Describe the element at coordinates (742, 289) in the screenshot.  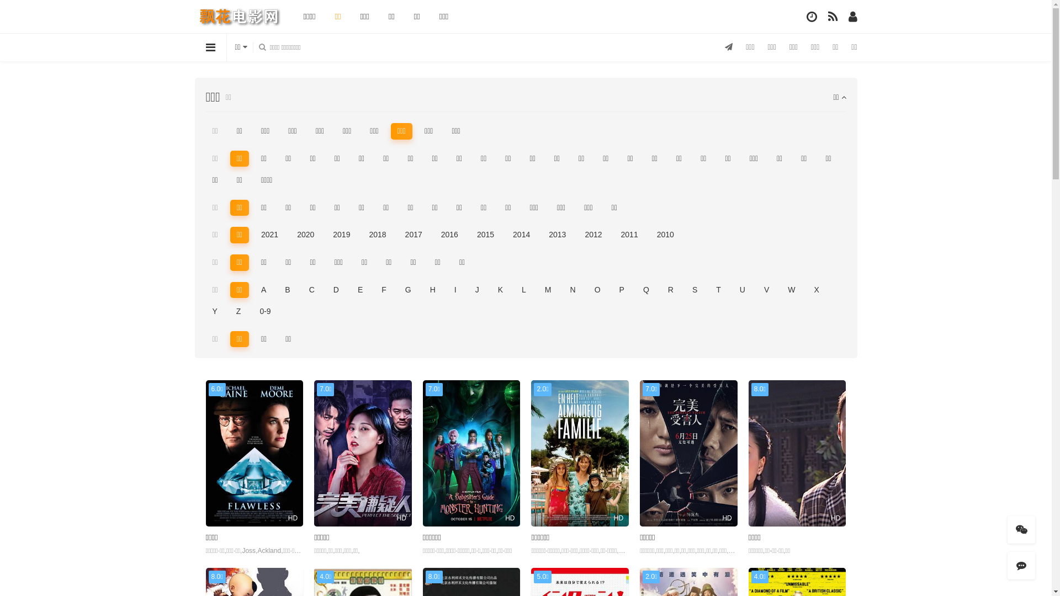
I see `'U'` at that location.